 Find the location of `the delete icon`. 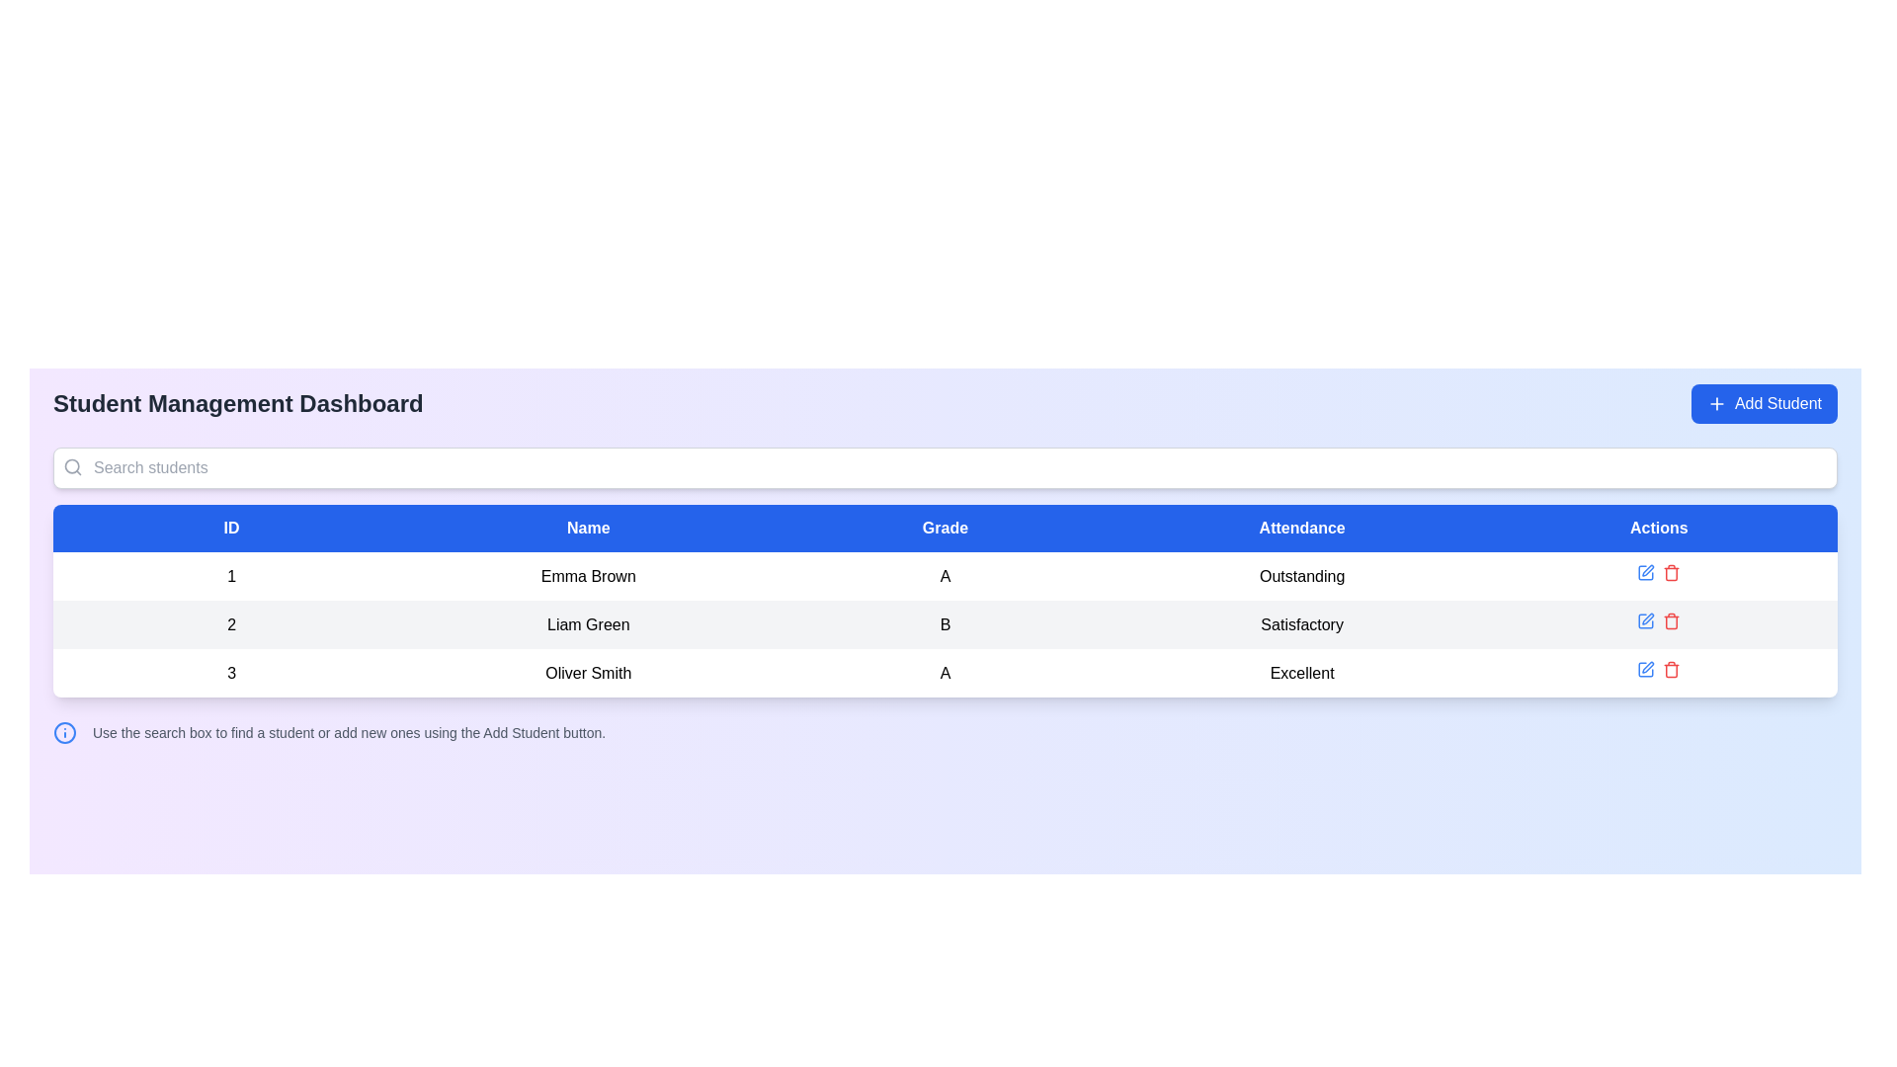

the delete icon is located at coordinates (1671, 619).